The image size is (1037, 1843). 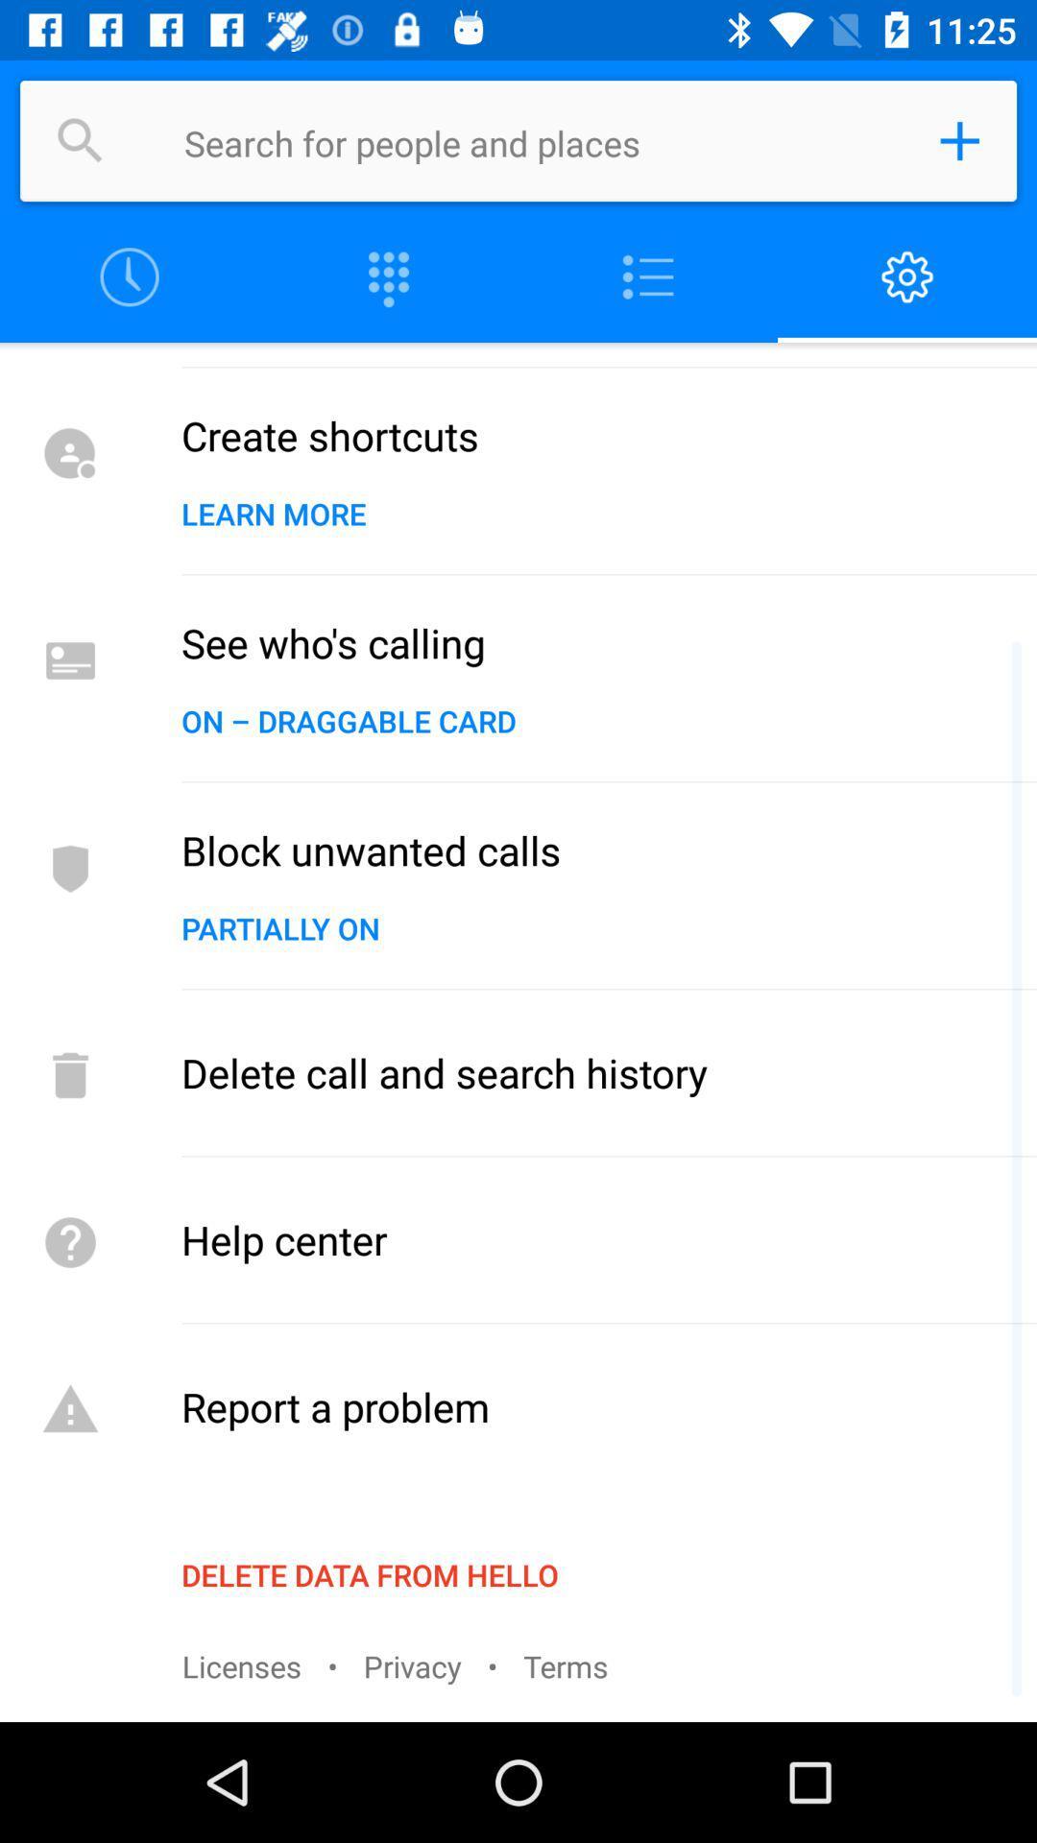 What do you see at coordinates (80, 140) in the screenshot?
I see `search` at bounding box center [80, 140].